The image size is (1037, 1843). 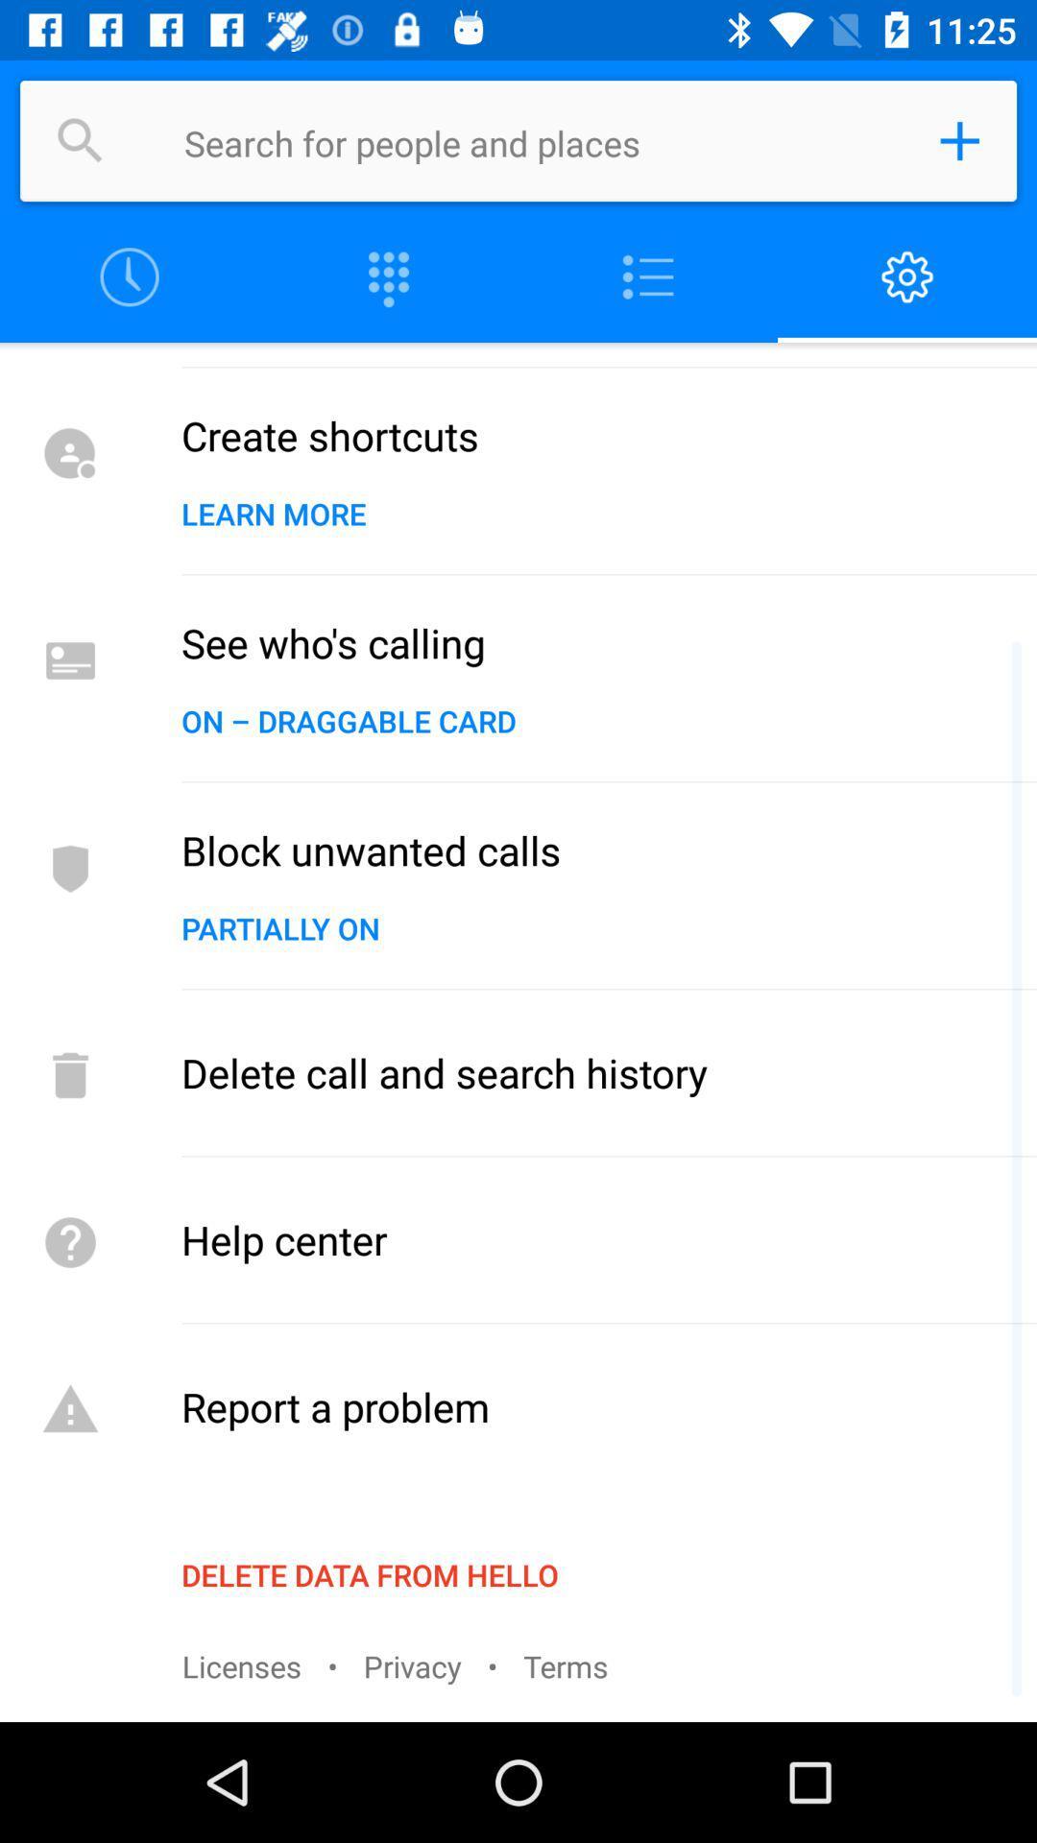 What do you see at coordinates (80, 140) in the screenshot?
I see `search` at bounding box center [80, 140].